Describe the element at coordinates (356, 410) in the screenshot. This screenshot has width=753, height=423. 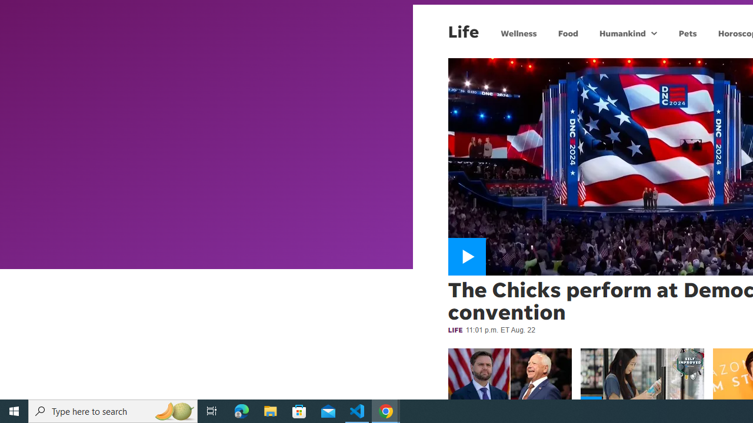
I see `'Visual Studio Code - 1 running window'` at that location.